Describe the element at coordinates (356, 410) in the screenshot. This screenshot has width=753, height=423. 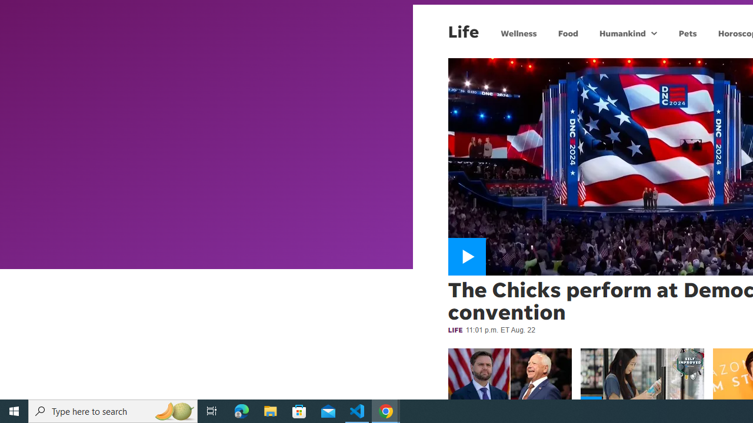
I see `'Visual Studio Code - 1 running window'` at that location.